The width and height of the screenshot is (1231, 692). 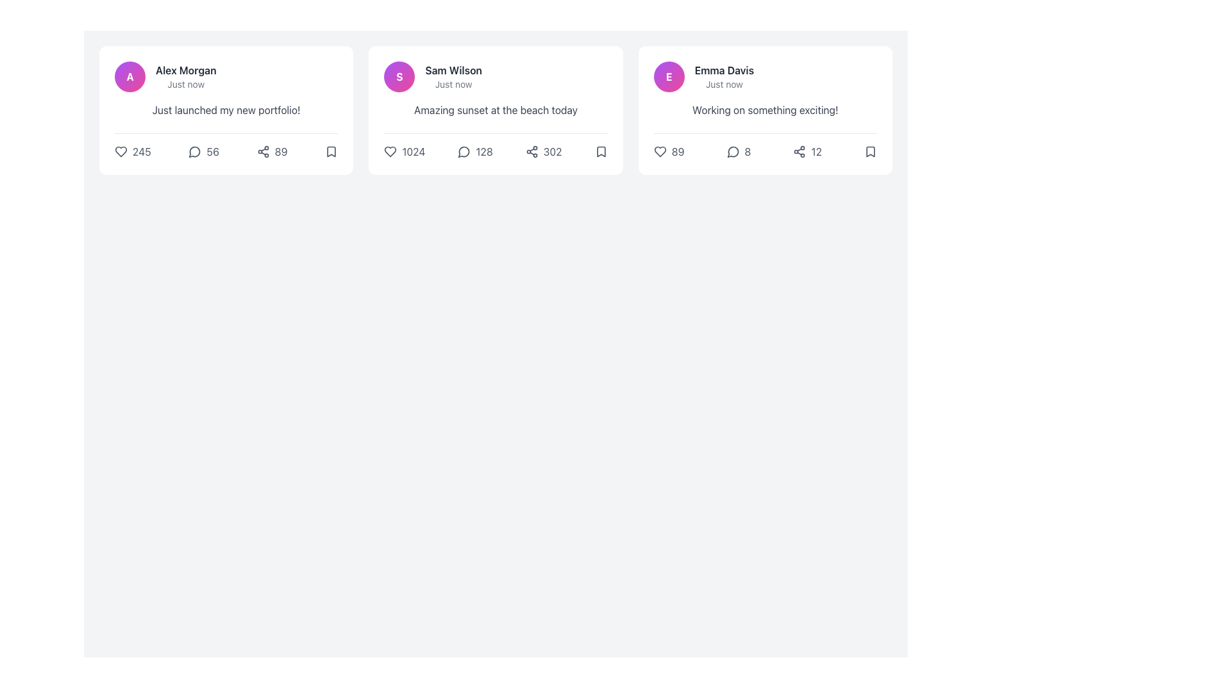 What do you see at coordinates (677, 151) in the screenshot?
I see `value displayed in the Text Label that shows the count or statistic related to the heart icon, located in the bottom section of a card interface` at bounding box center [677, 151].